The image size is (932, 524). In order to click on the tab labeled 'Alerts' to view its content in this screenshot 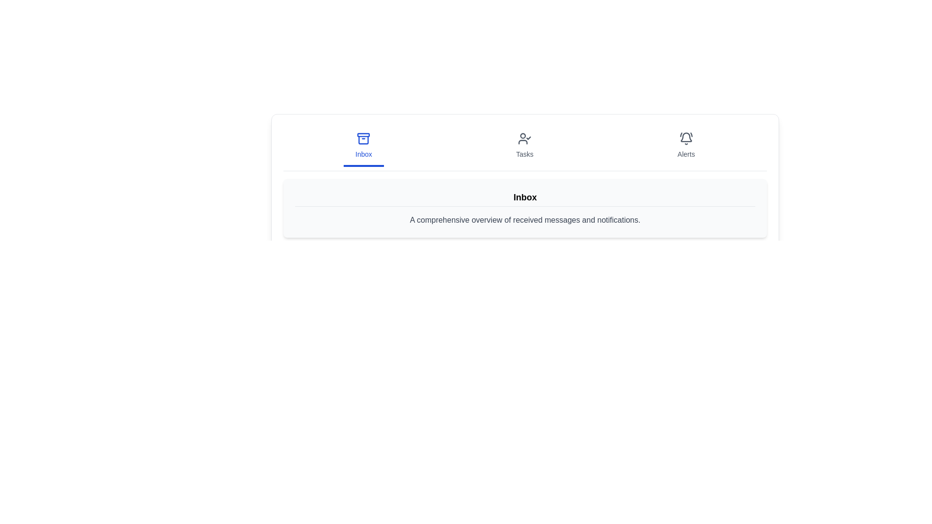, I will do `click(685, 146)`.